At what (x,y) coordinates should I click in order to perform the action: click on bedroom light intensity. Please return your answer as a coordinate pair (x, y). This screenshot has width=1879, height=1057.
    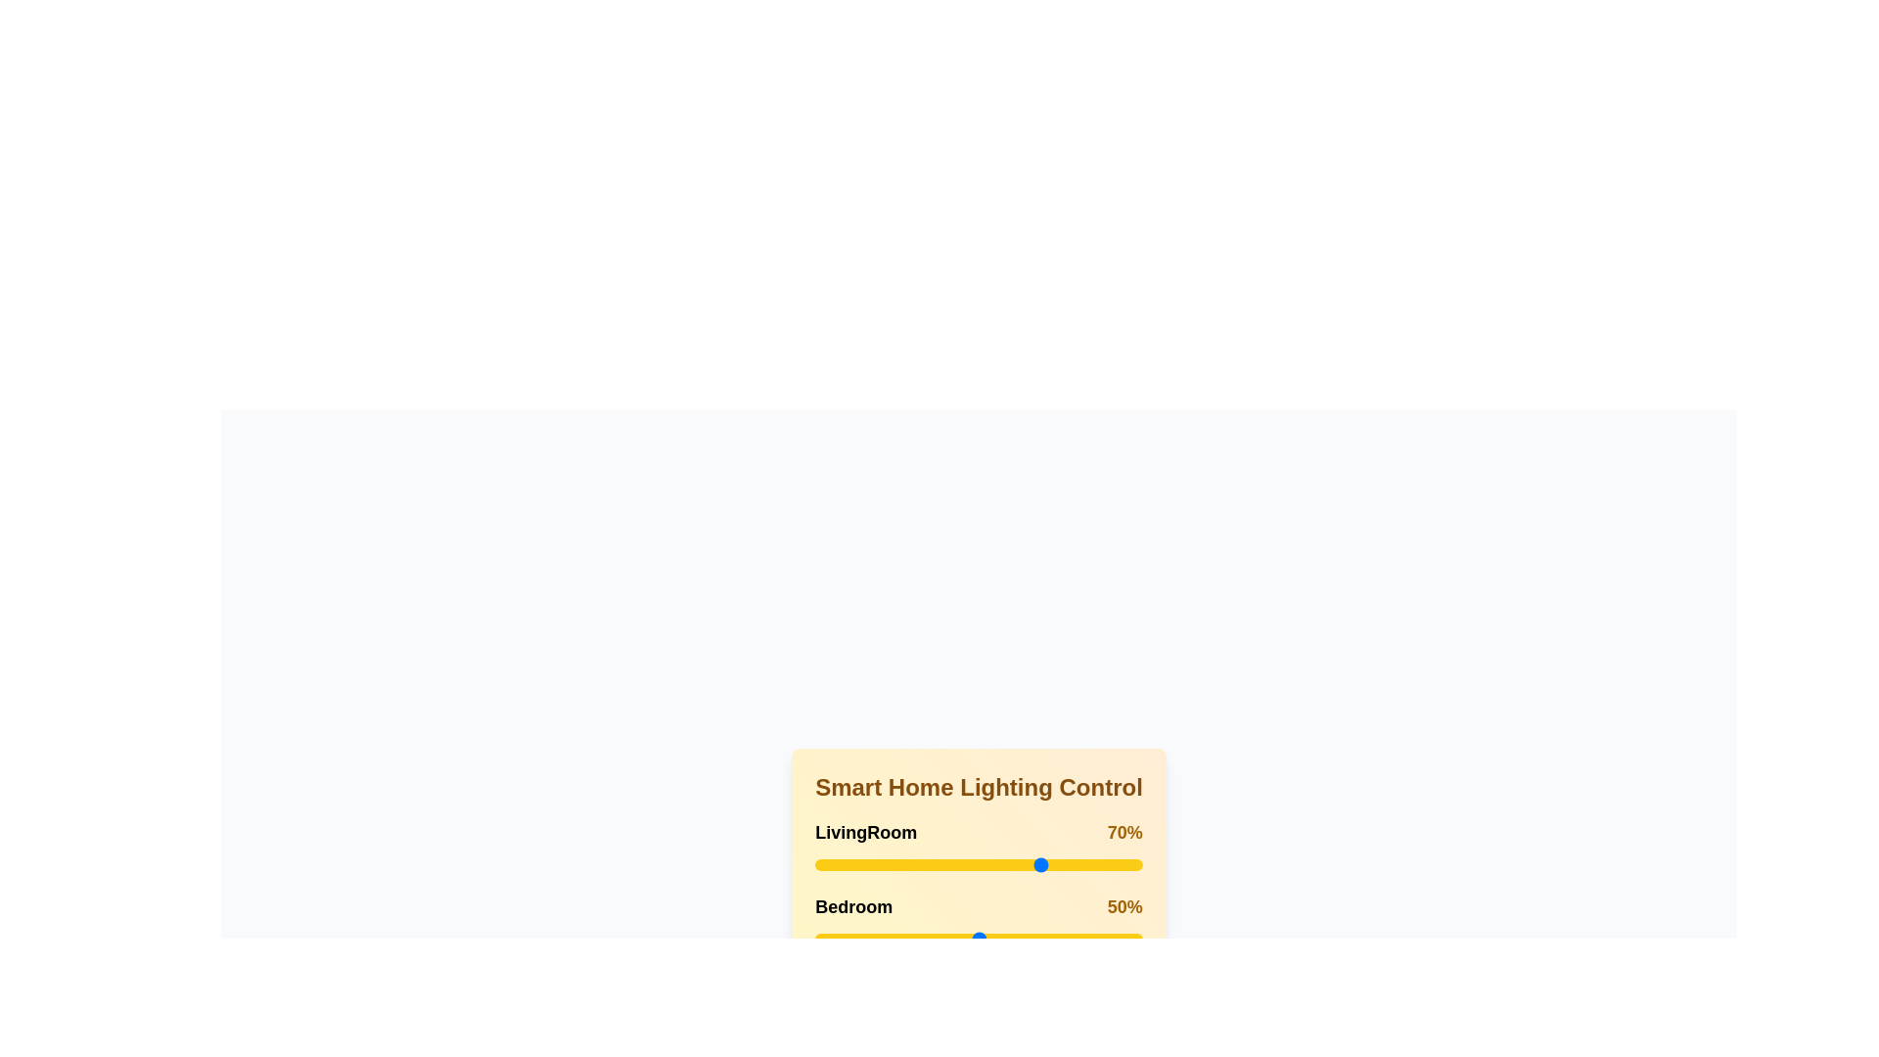
    Looking at the image, I should click on (1043, 939).